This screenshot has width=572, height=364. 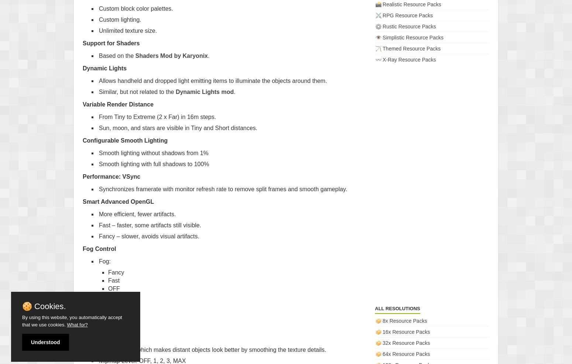 I want to click on 'Mipmap Level: OFF, 1, 2, 3, MAX', so click(x=142, y=360).